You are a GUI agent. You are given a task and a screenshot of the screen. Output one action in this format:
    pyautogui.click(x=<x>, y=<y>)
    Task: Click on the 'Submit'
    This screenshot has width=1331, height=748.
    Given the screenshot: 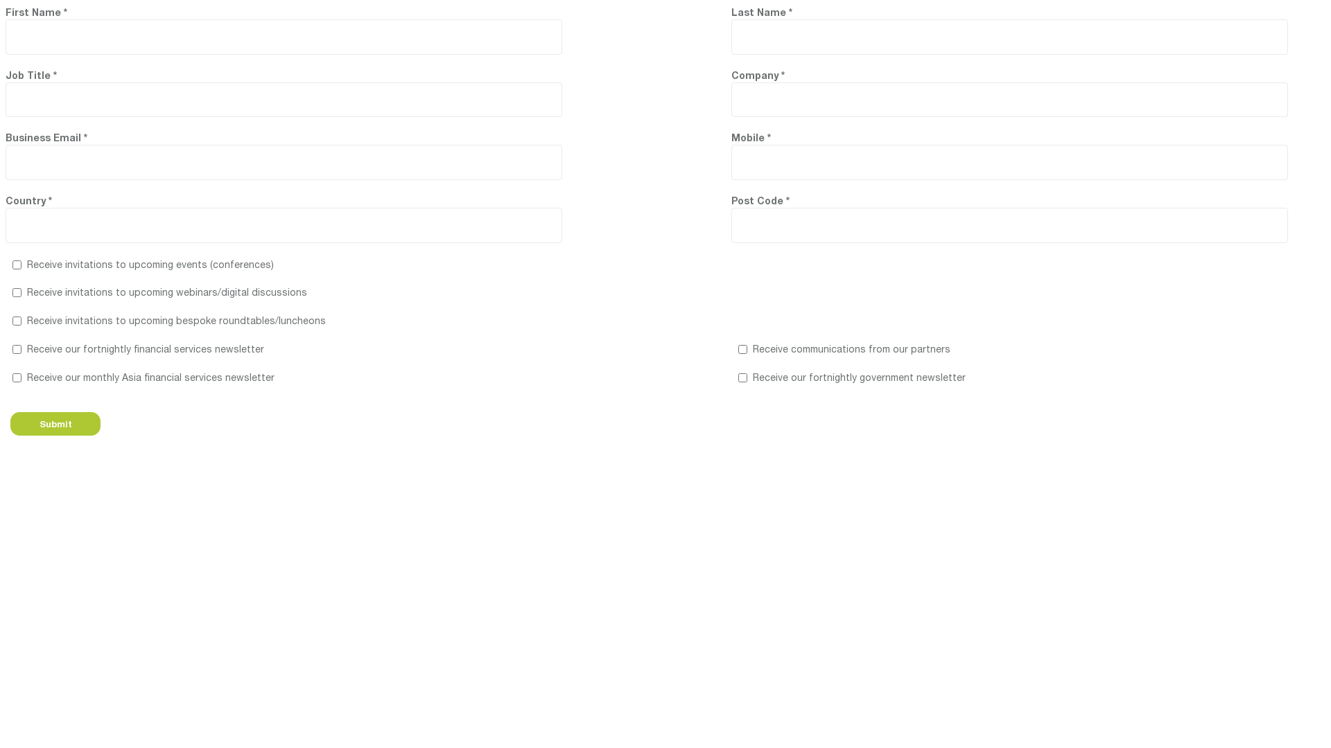 What is the action you would take?
    pyautogui.click(x=55, y=423)
    